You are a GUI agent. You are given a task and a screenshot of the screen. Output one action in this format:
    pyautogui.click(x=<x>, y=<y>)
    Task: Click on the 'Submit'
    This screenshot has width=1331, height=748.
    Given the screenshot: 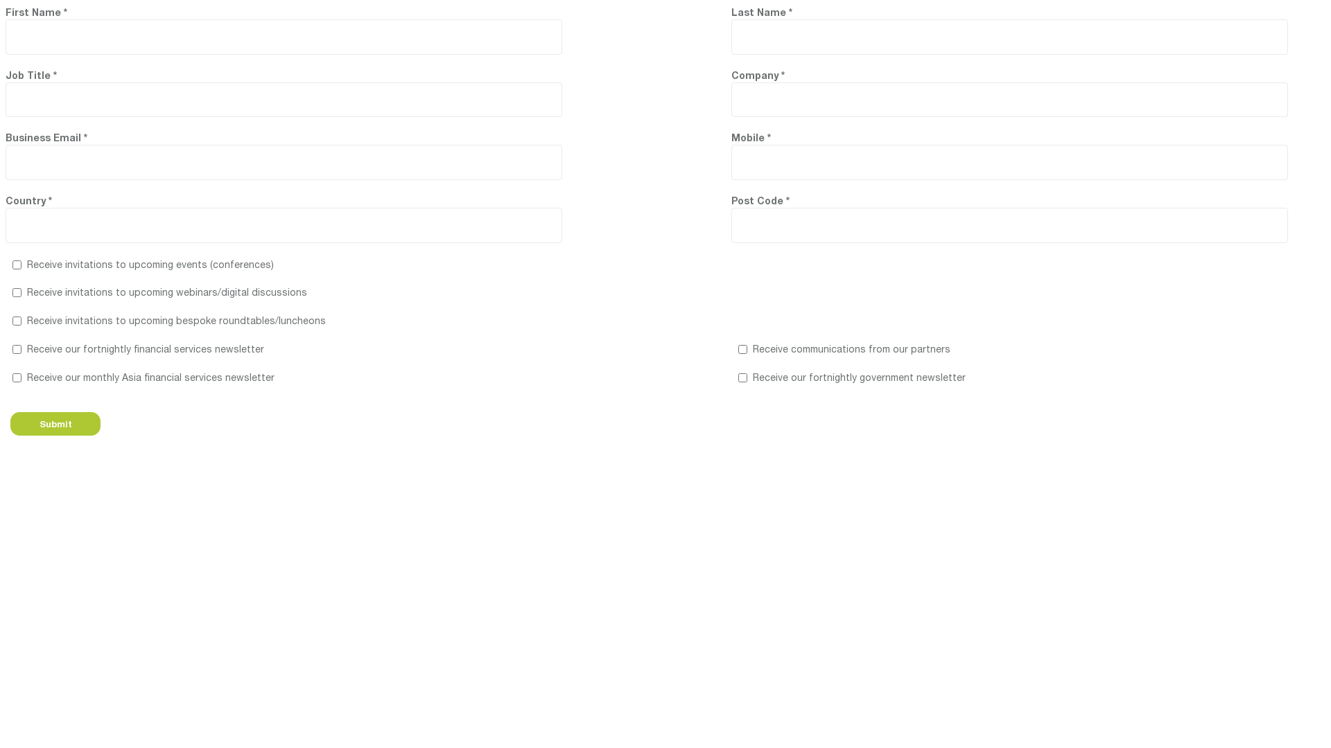 What is the action you would take?
    pyautogui.click(x=55, y=423)
    